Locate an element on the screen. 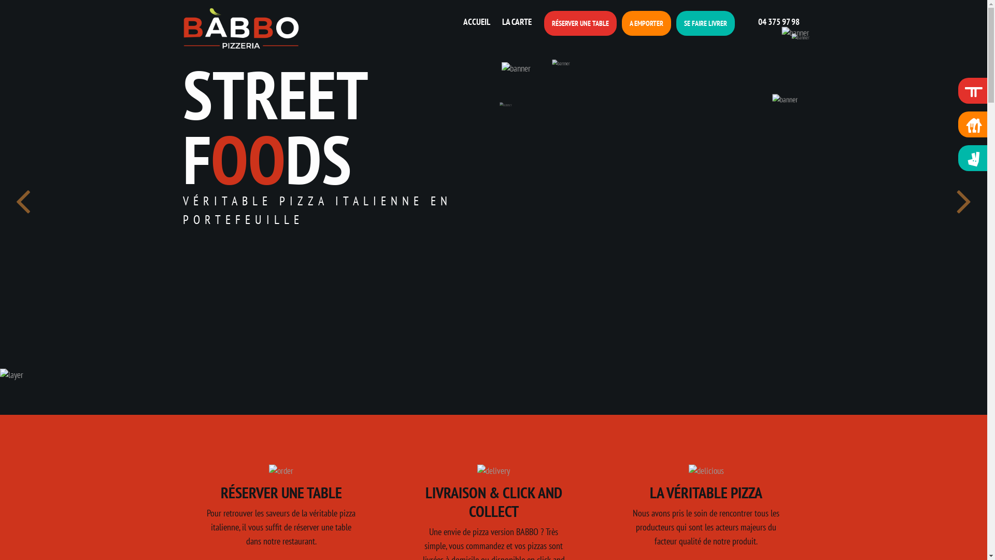 Image resolution: width=995 pixels, height=560 pixels. 'ACCUEIL' is located at coordinates (477, 22).